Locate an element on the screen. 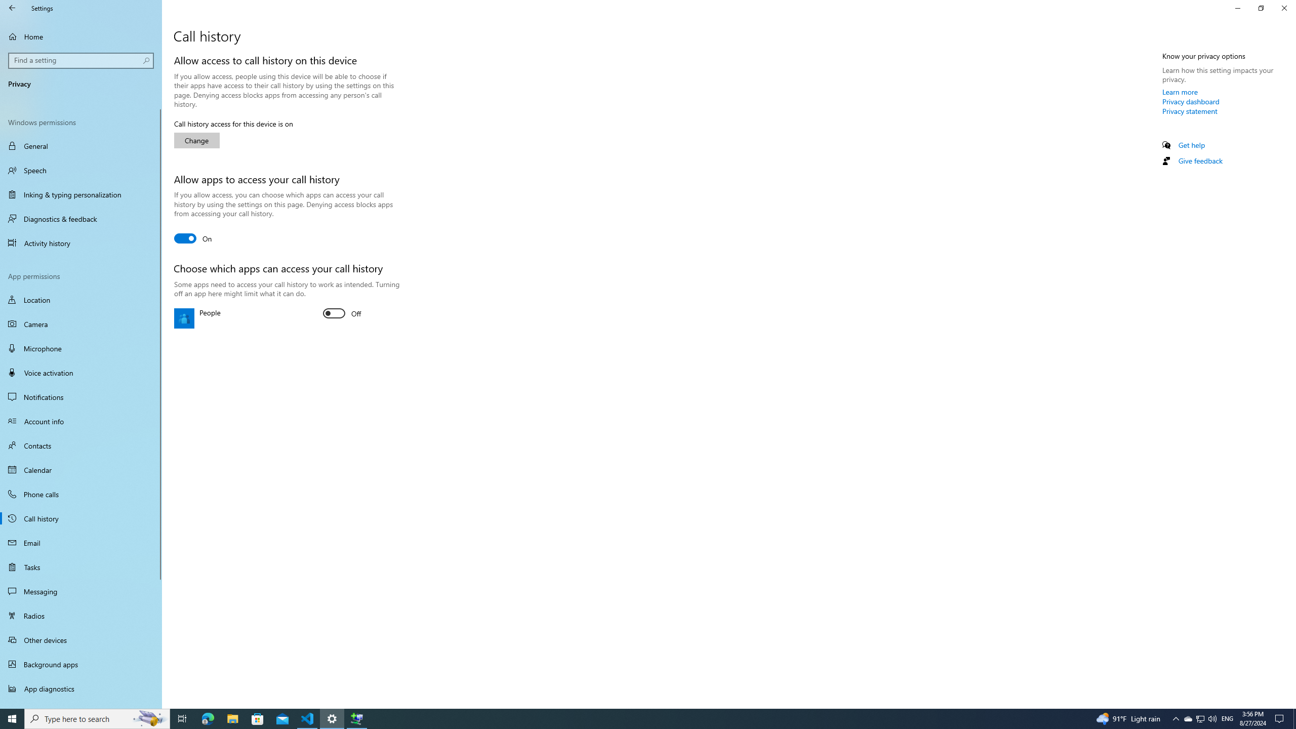  'Notifications' is located at coordinates (80, 397).